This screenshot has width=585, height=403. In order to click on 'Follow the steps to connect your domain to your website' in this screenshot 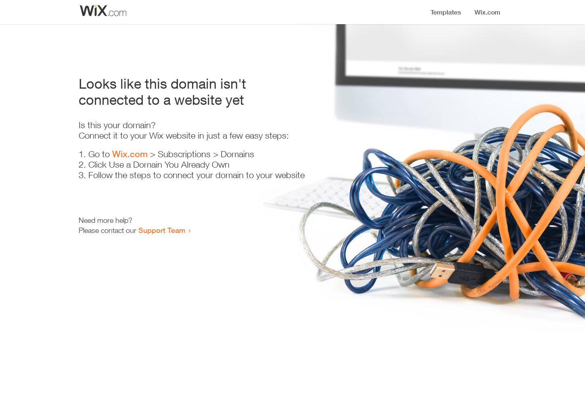, I will do `click(196, 175)`.